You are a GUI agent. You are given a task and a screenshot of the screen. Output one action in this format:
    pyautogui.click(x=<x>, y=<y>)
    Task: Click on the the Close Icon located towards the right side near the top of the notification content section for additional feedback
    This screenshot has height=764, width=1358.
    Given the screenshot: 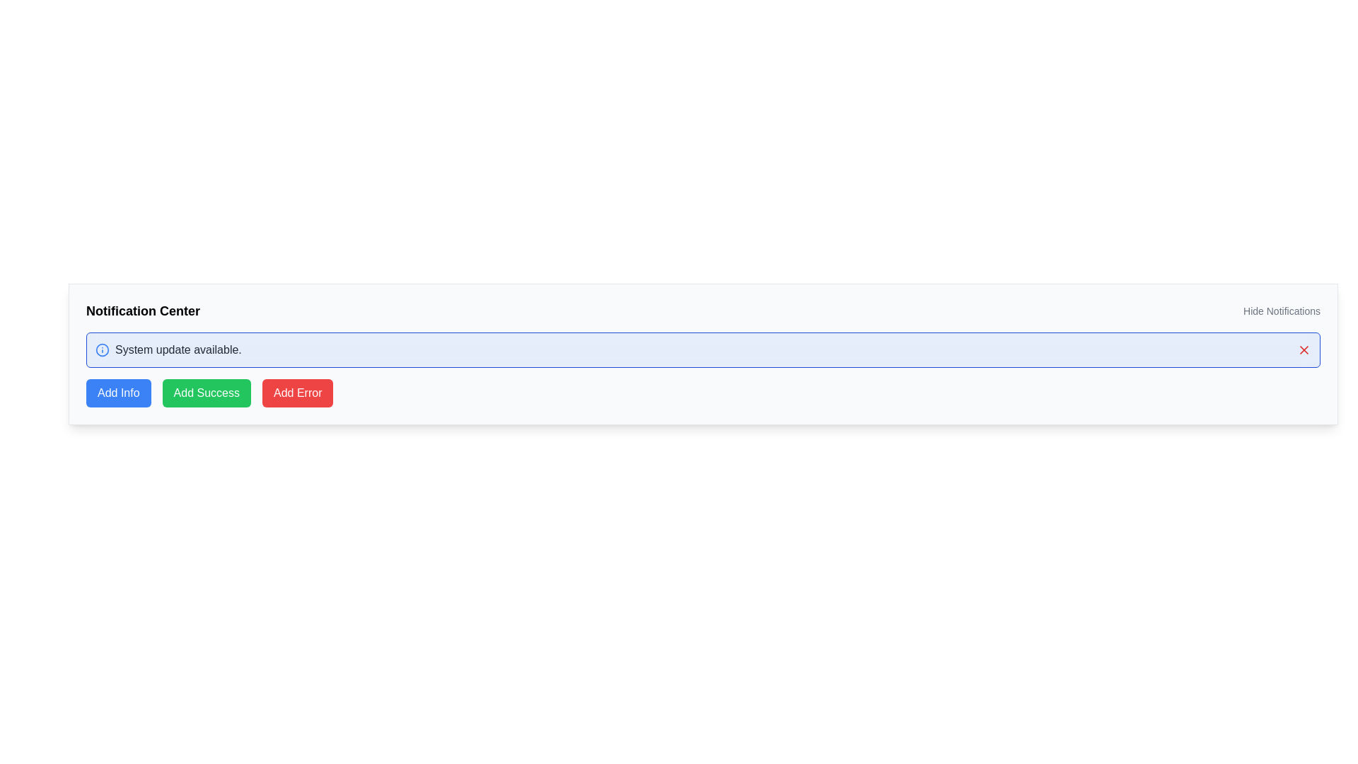 What is the action you would take?
    pyautogui.click(x=1303, y=349)
    